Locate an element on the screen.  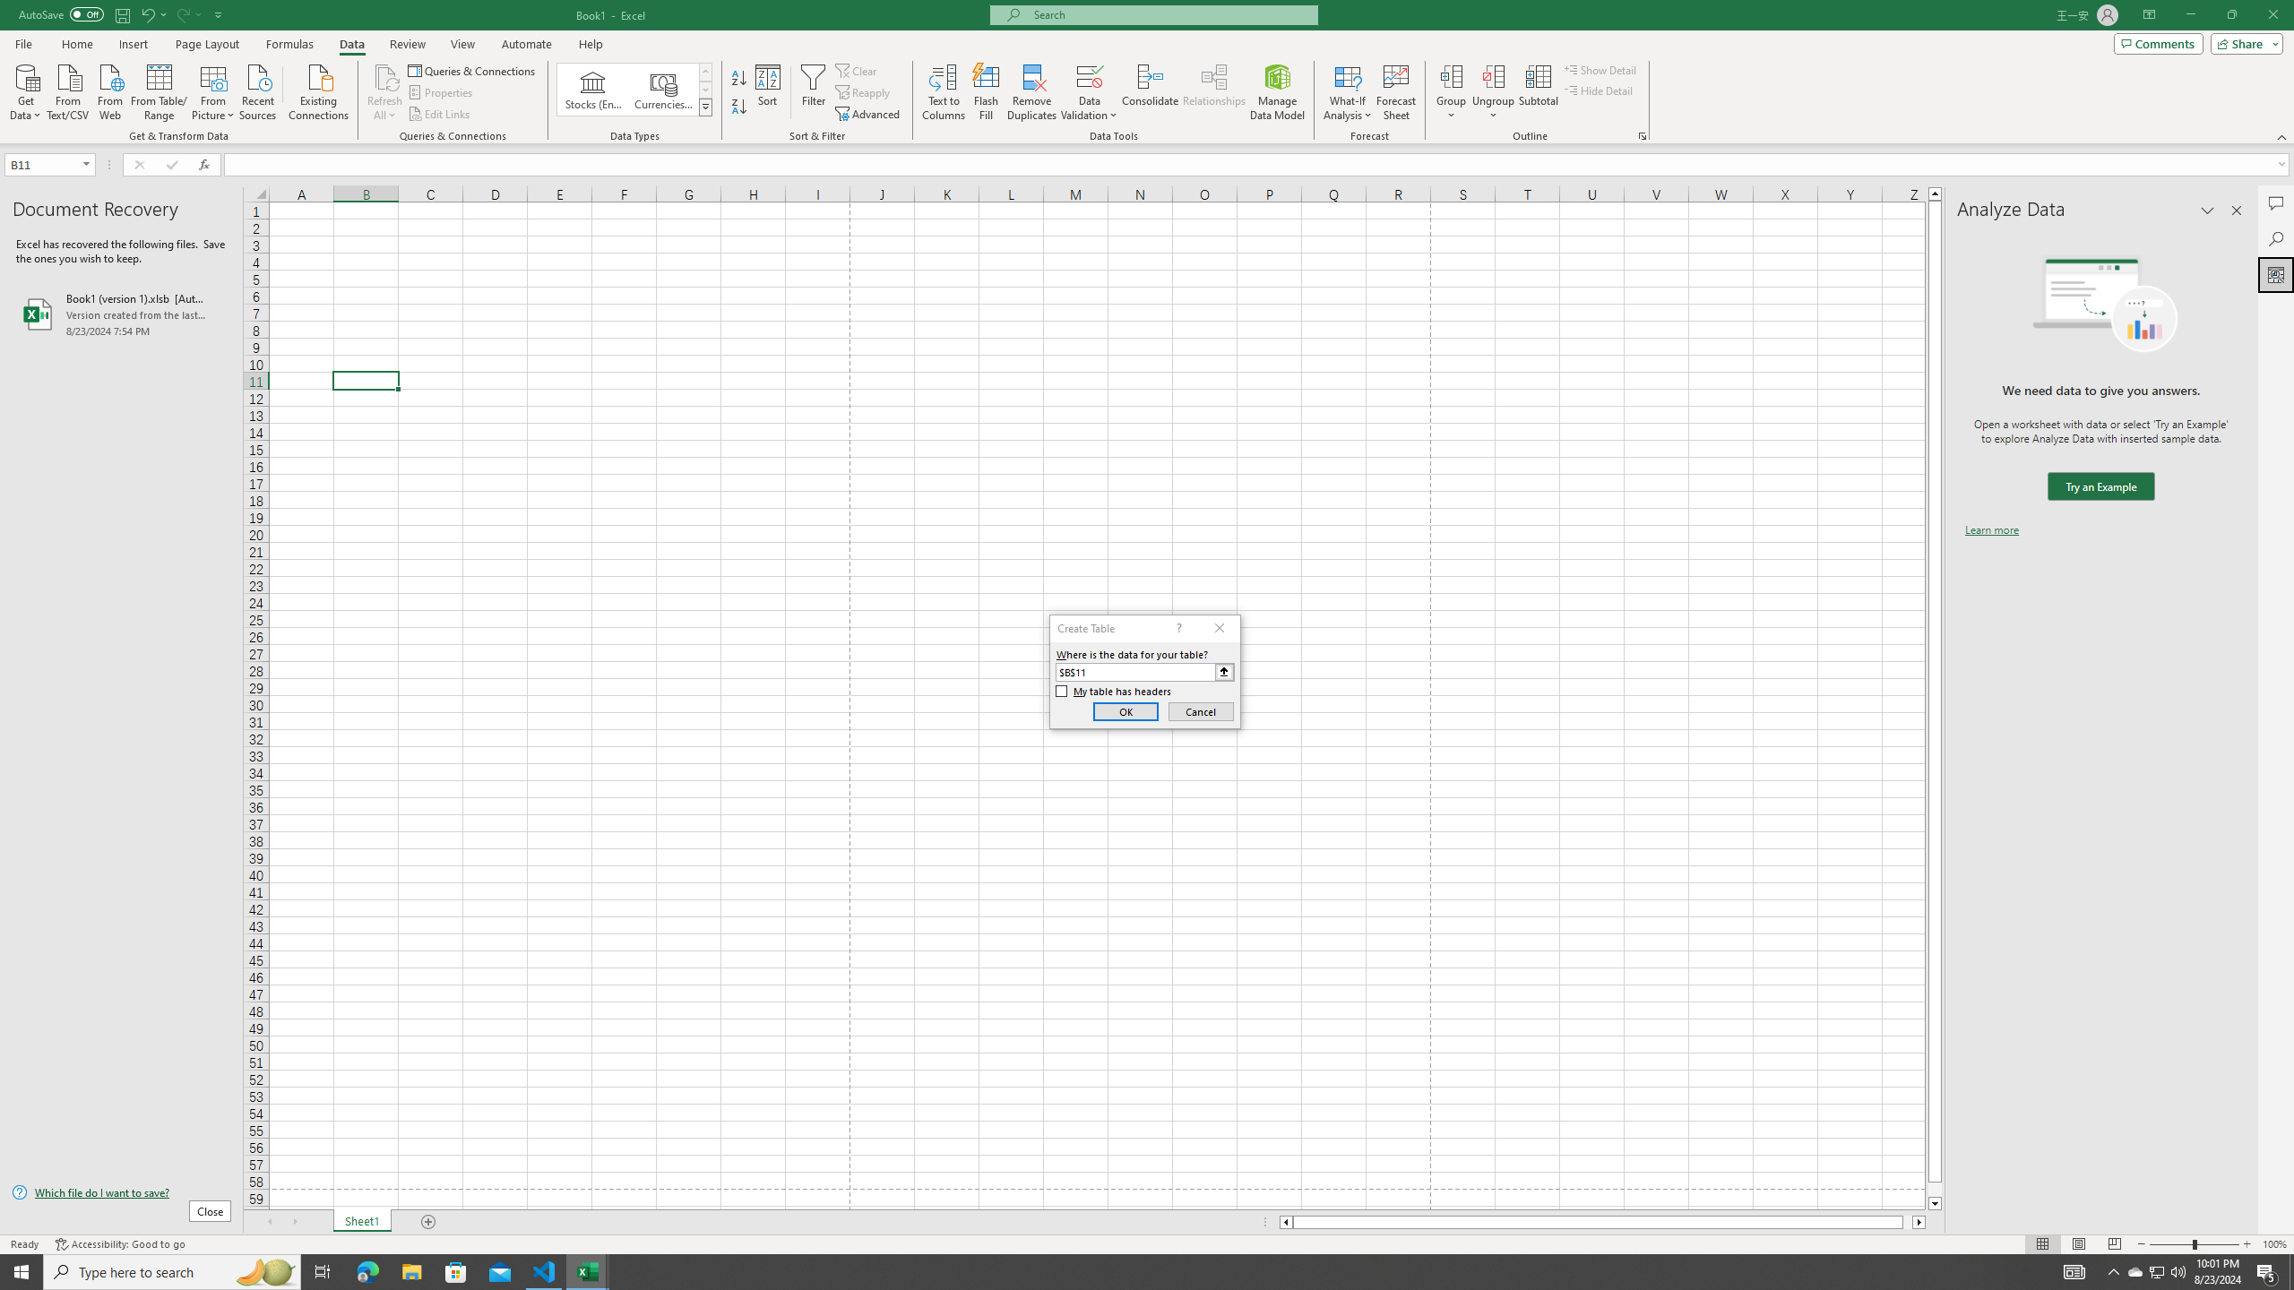
'Row Down' is located at coordinates (705, 89).